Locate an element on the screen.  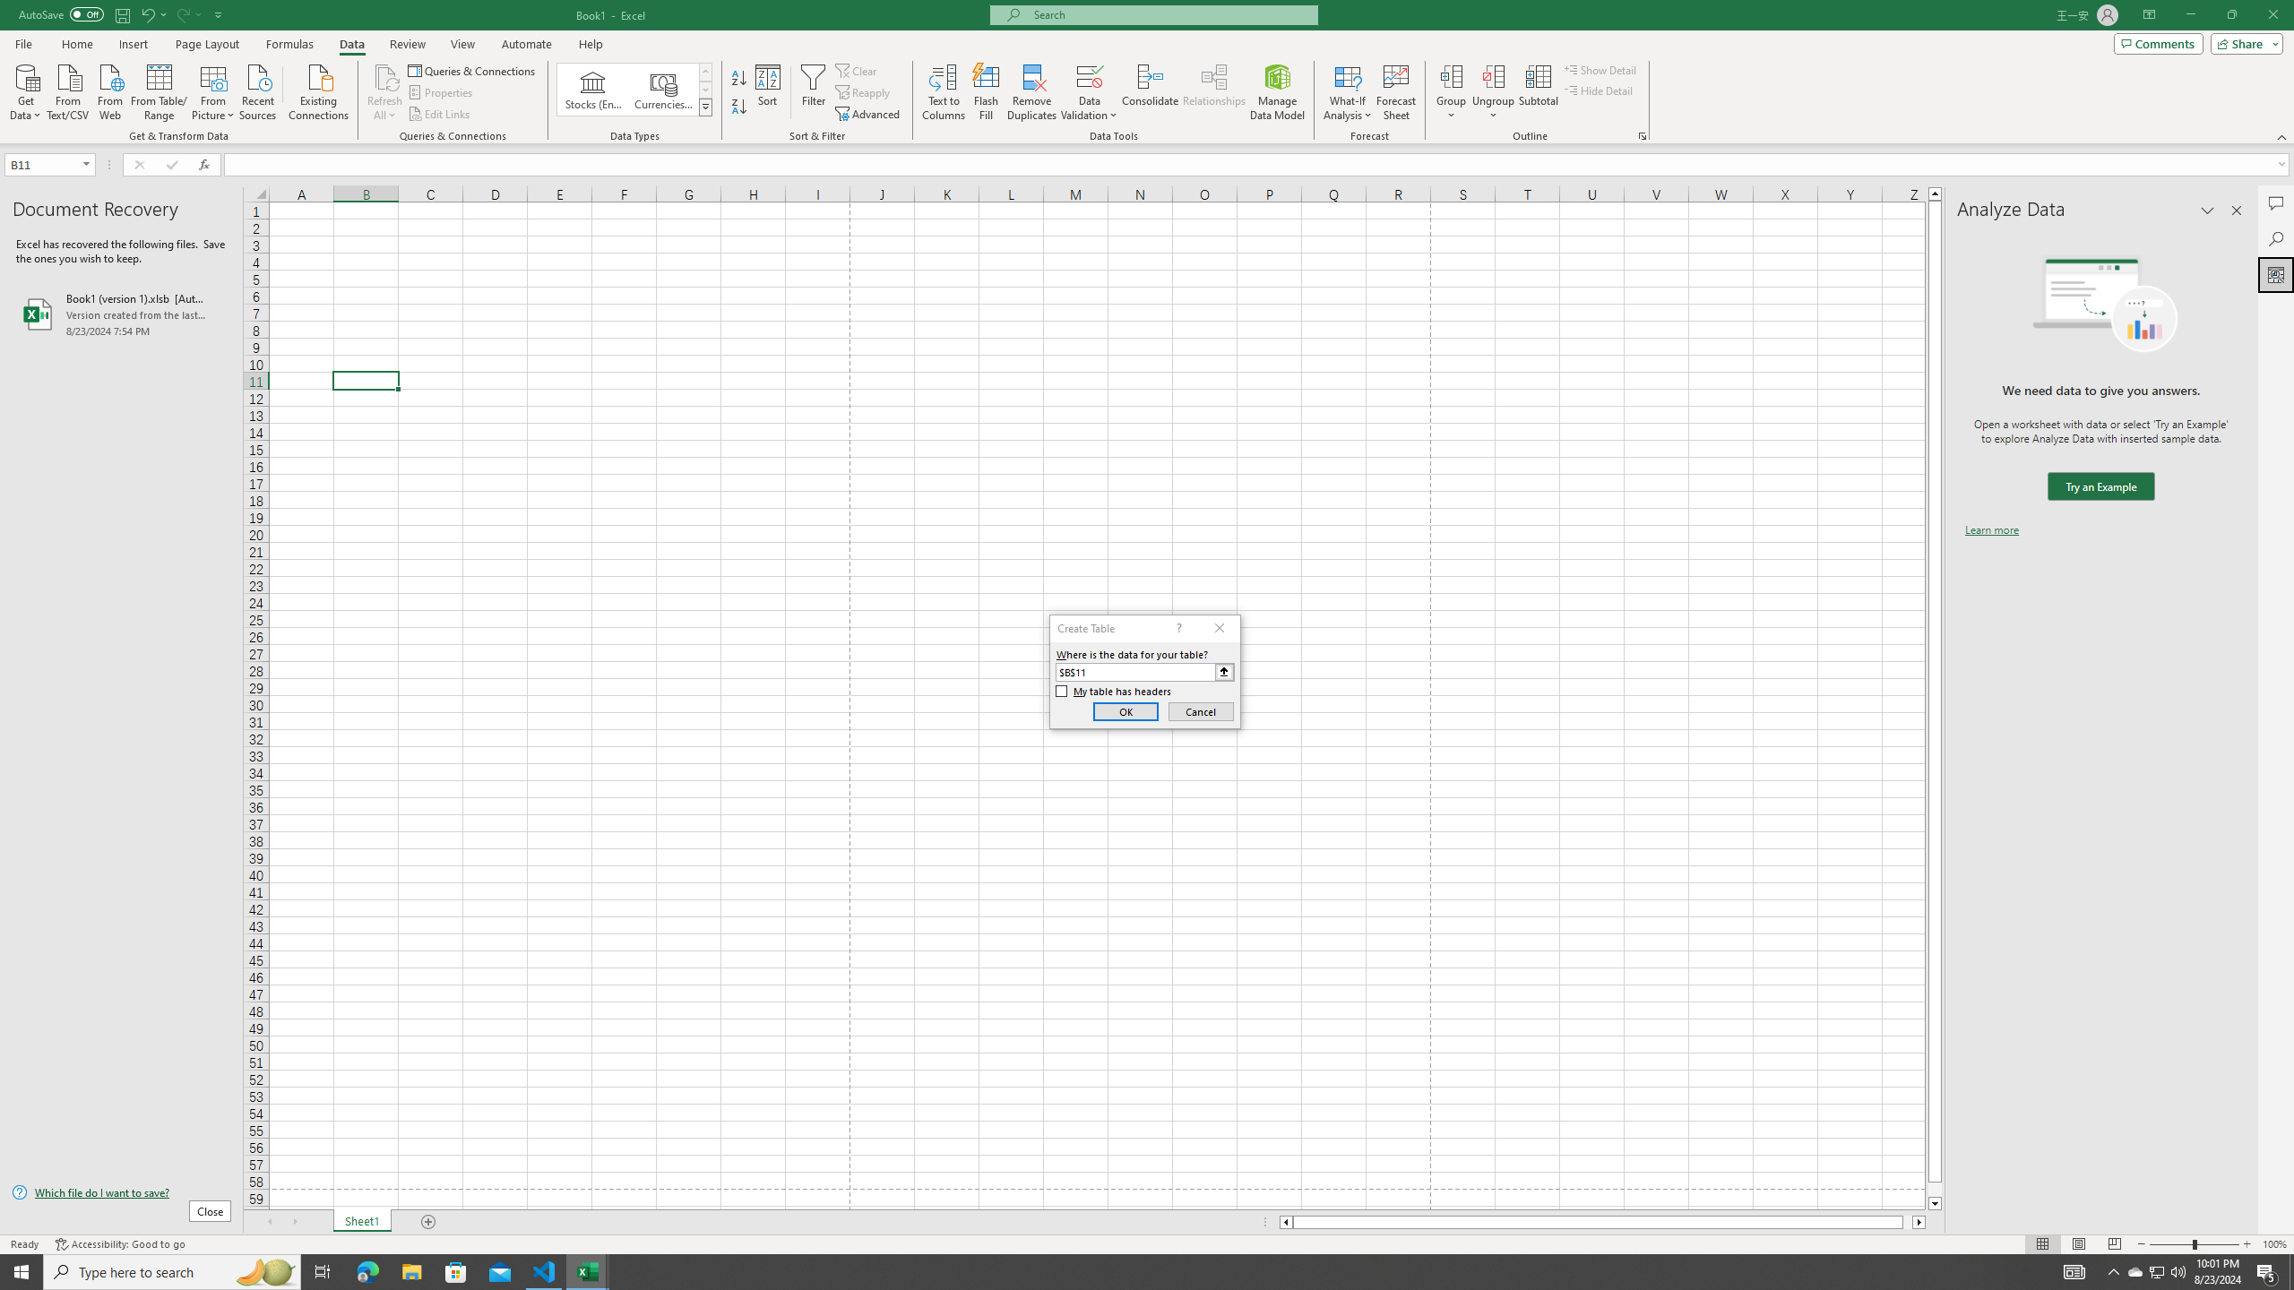
'Row Down' is located at coordinates (705, 89).